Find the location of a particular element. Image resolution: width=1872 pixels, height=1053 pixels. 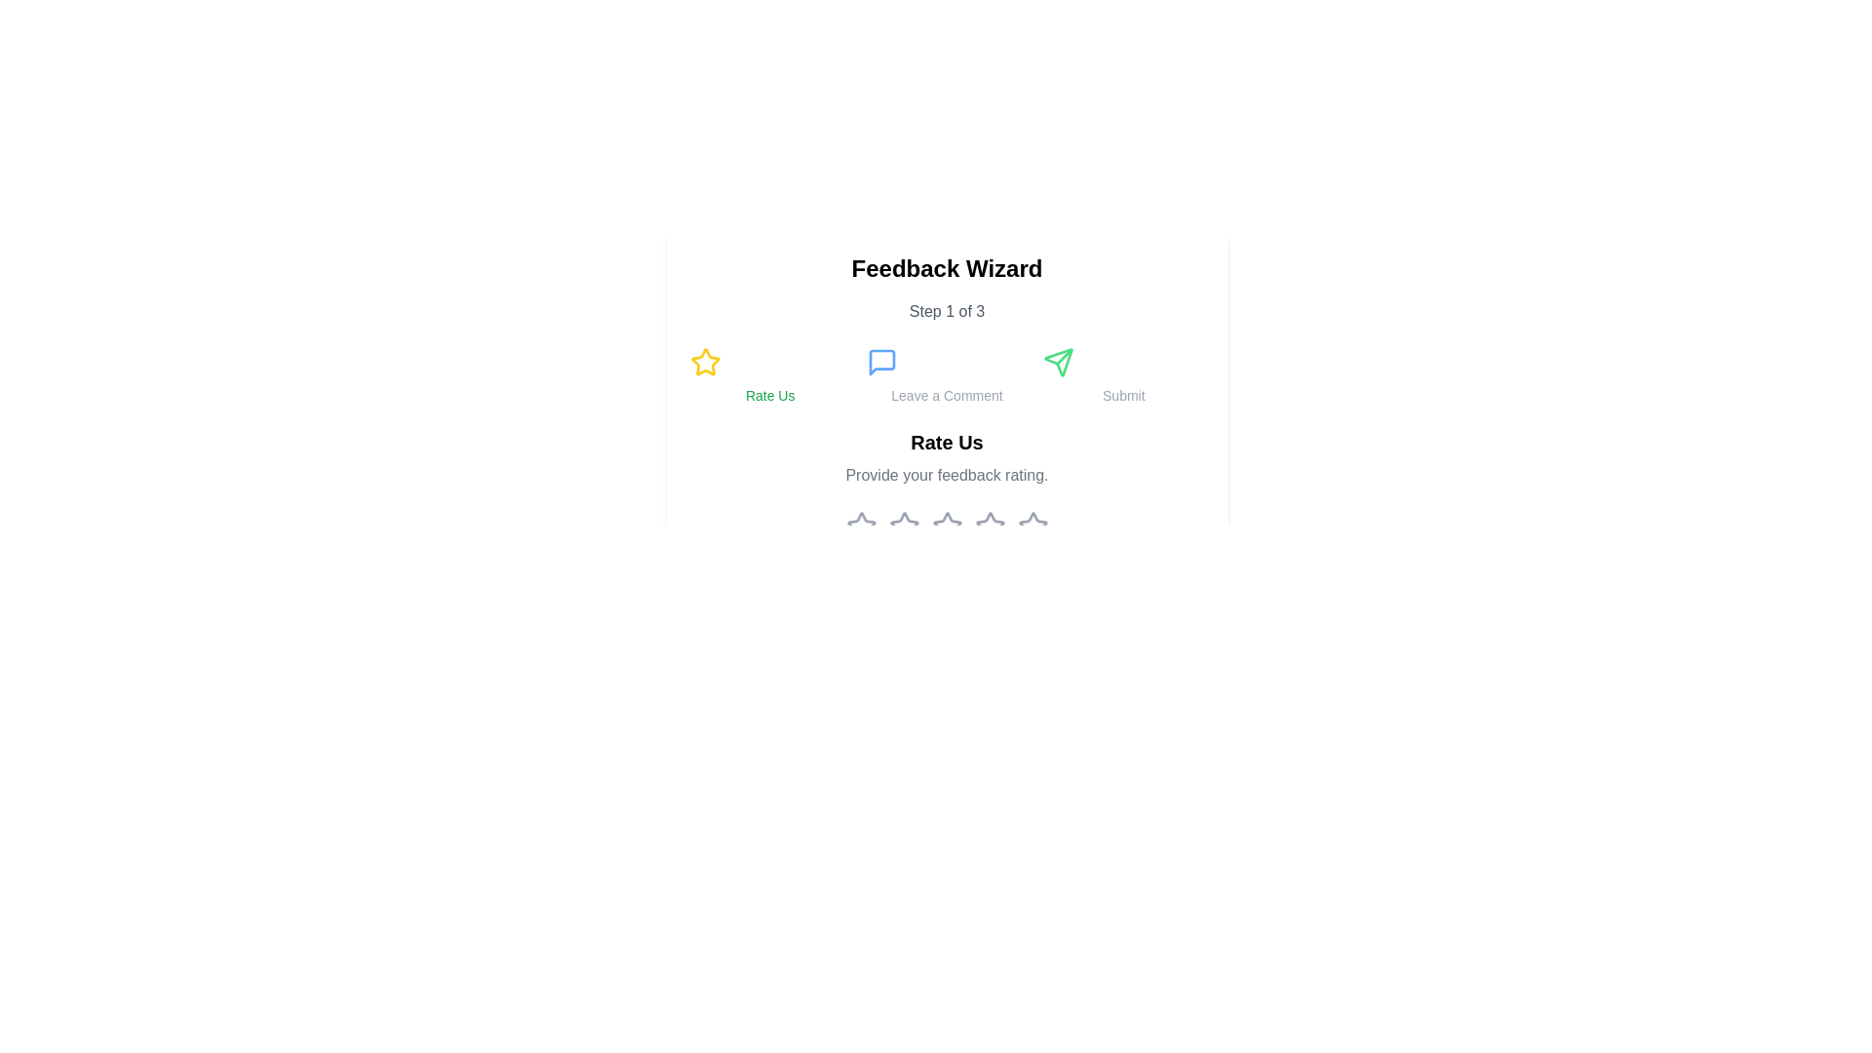

the static text label that serves as a title or instruction, located beneath the yellow star icon and above the row of interactive icons is located at coordinates (769, 395).